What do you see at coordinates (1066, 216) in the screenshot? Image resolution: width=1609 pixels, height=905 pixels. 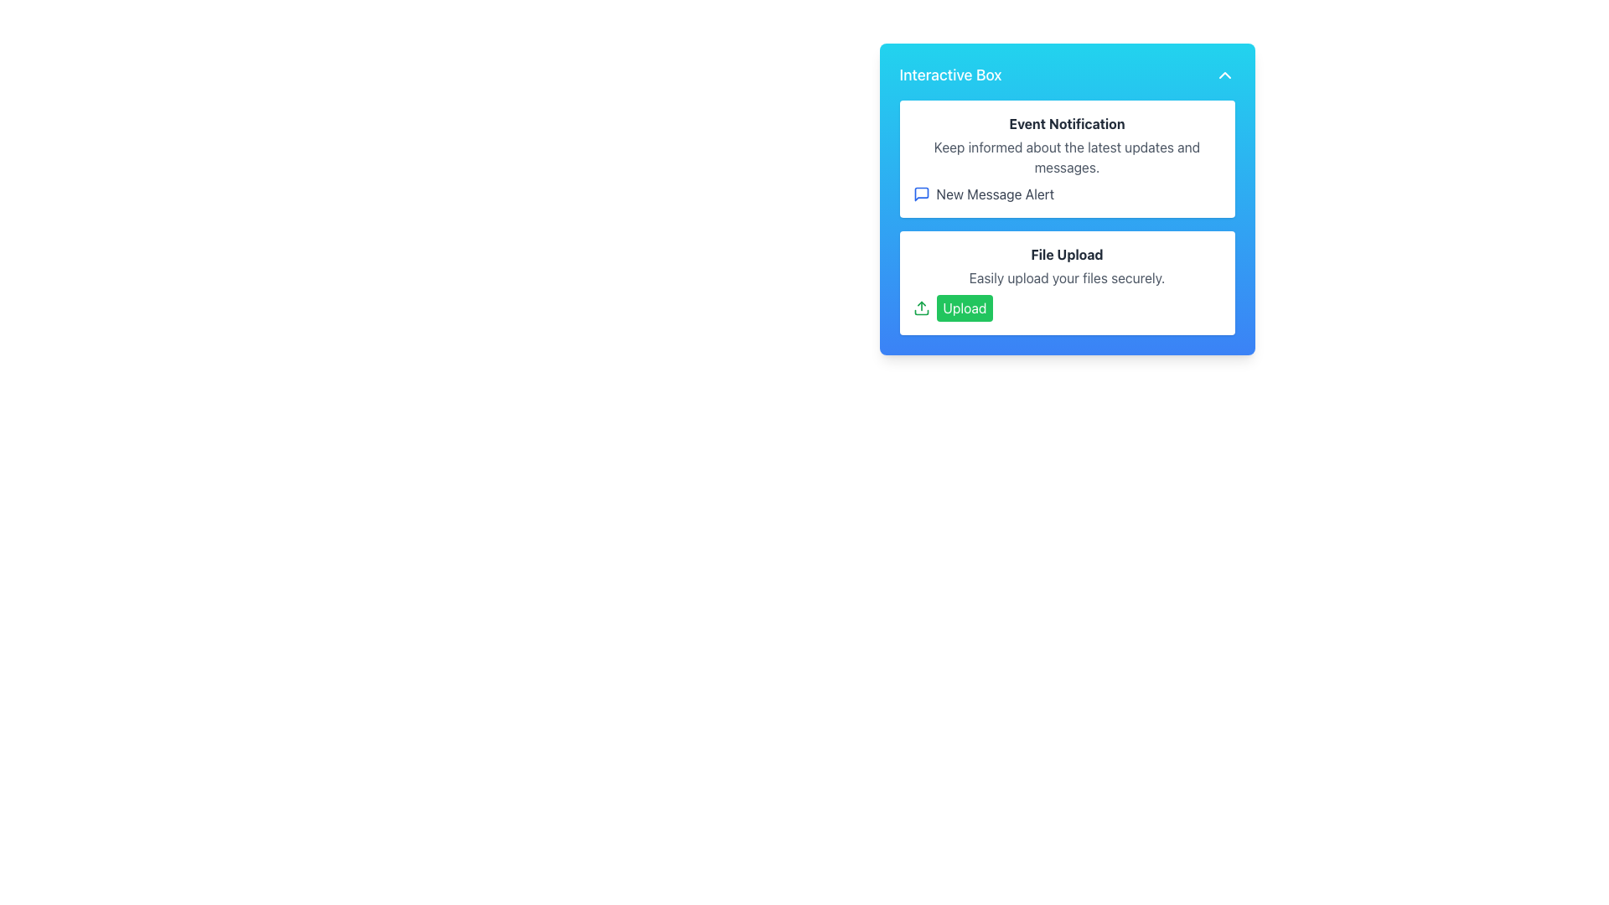 I see `the 'New Message Alert' within the composite UI element that displays messaging notifications and file uploads` at bounding box center [1066, 216].